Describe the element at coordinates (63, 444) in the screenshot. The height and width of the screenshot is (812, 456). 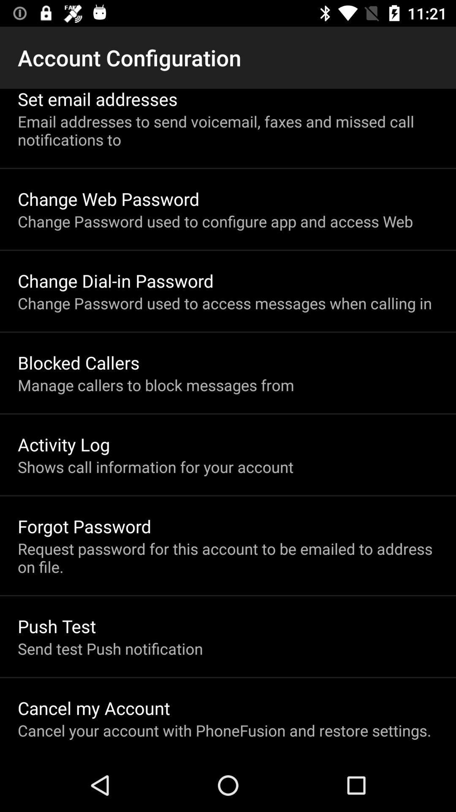
I see `the activity log icon` at that location.